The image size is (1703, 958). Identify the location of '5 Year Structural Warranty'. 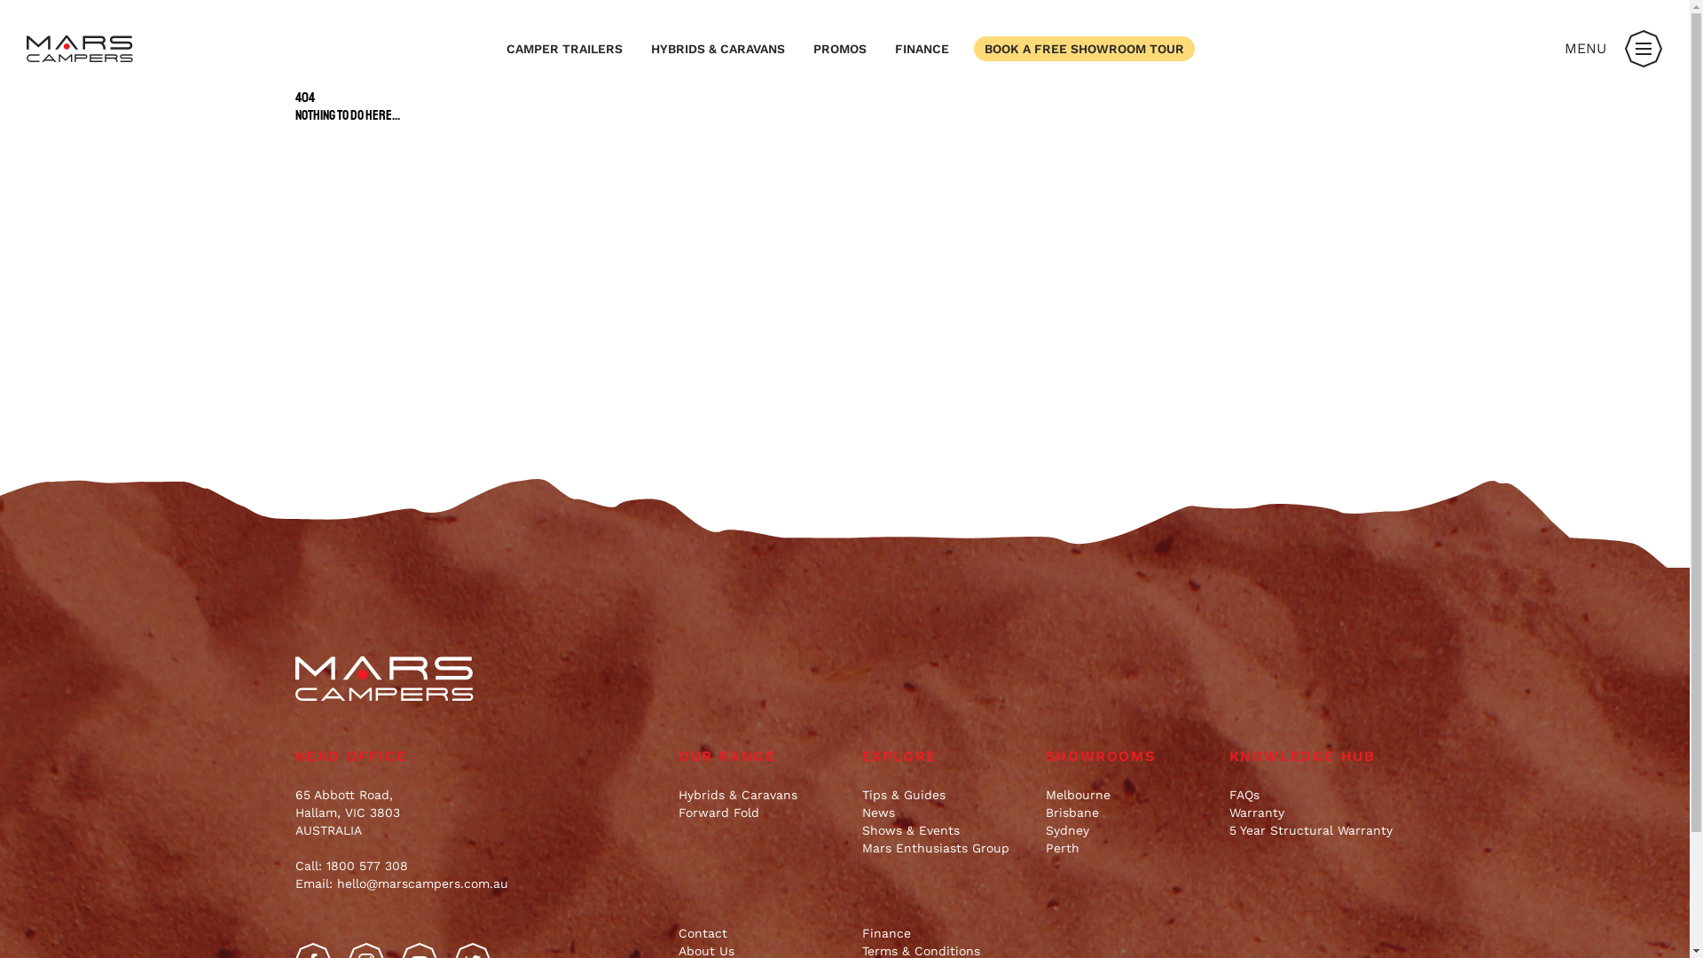
(1312, 830).